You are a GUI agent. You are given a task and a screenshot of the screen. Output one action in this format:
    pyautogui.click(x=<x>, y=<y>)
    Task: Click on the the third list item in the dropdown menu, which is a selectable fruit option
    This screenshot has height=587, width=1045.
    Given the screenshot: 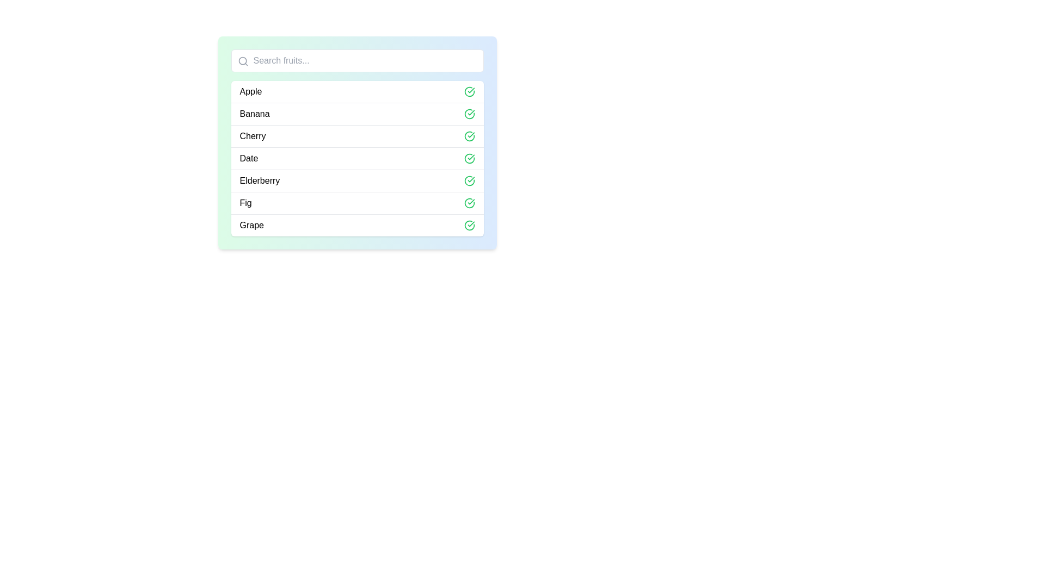 What is the action you would take?
    pyautogui.click(x=357, y=135)
    